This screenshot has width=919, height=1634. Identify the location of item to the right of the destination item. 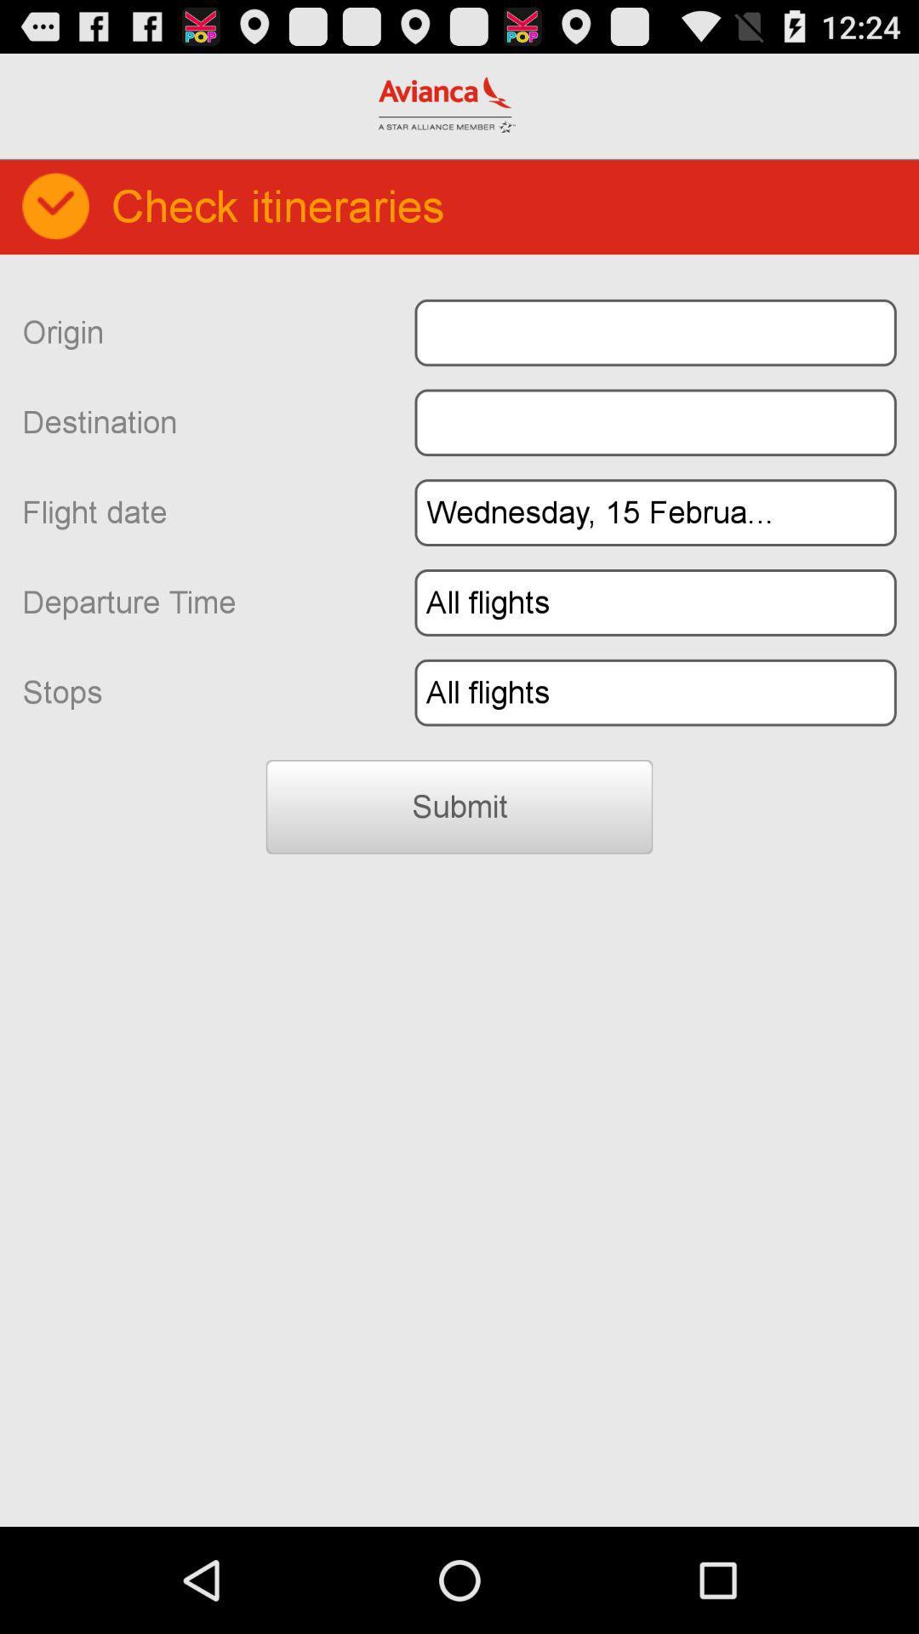
(654, 422).